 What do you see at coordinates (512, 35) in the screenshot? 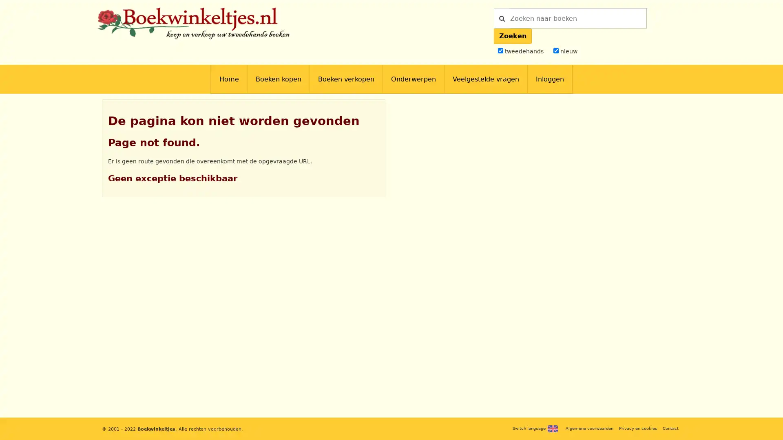
I see `Zoeken` at bounding box center [512, 35].